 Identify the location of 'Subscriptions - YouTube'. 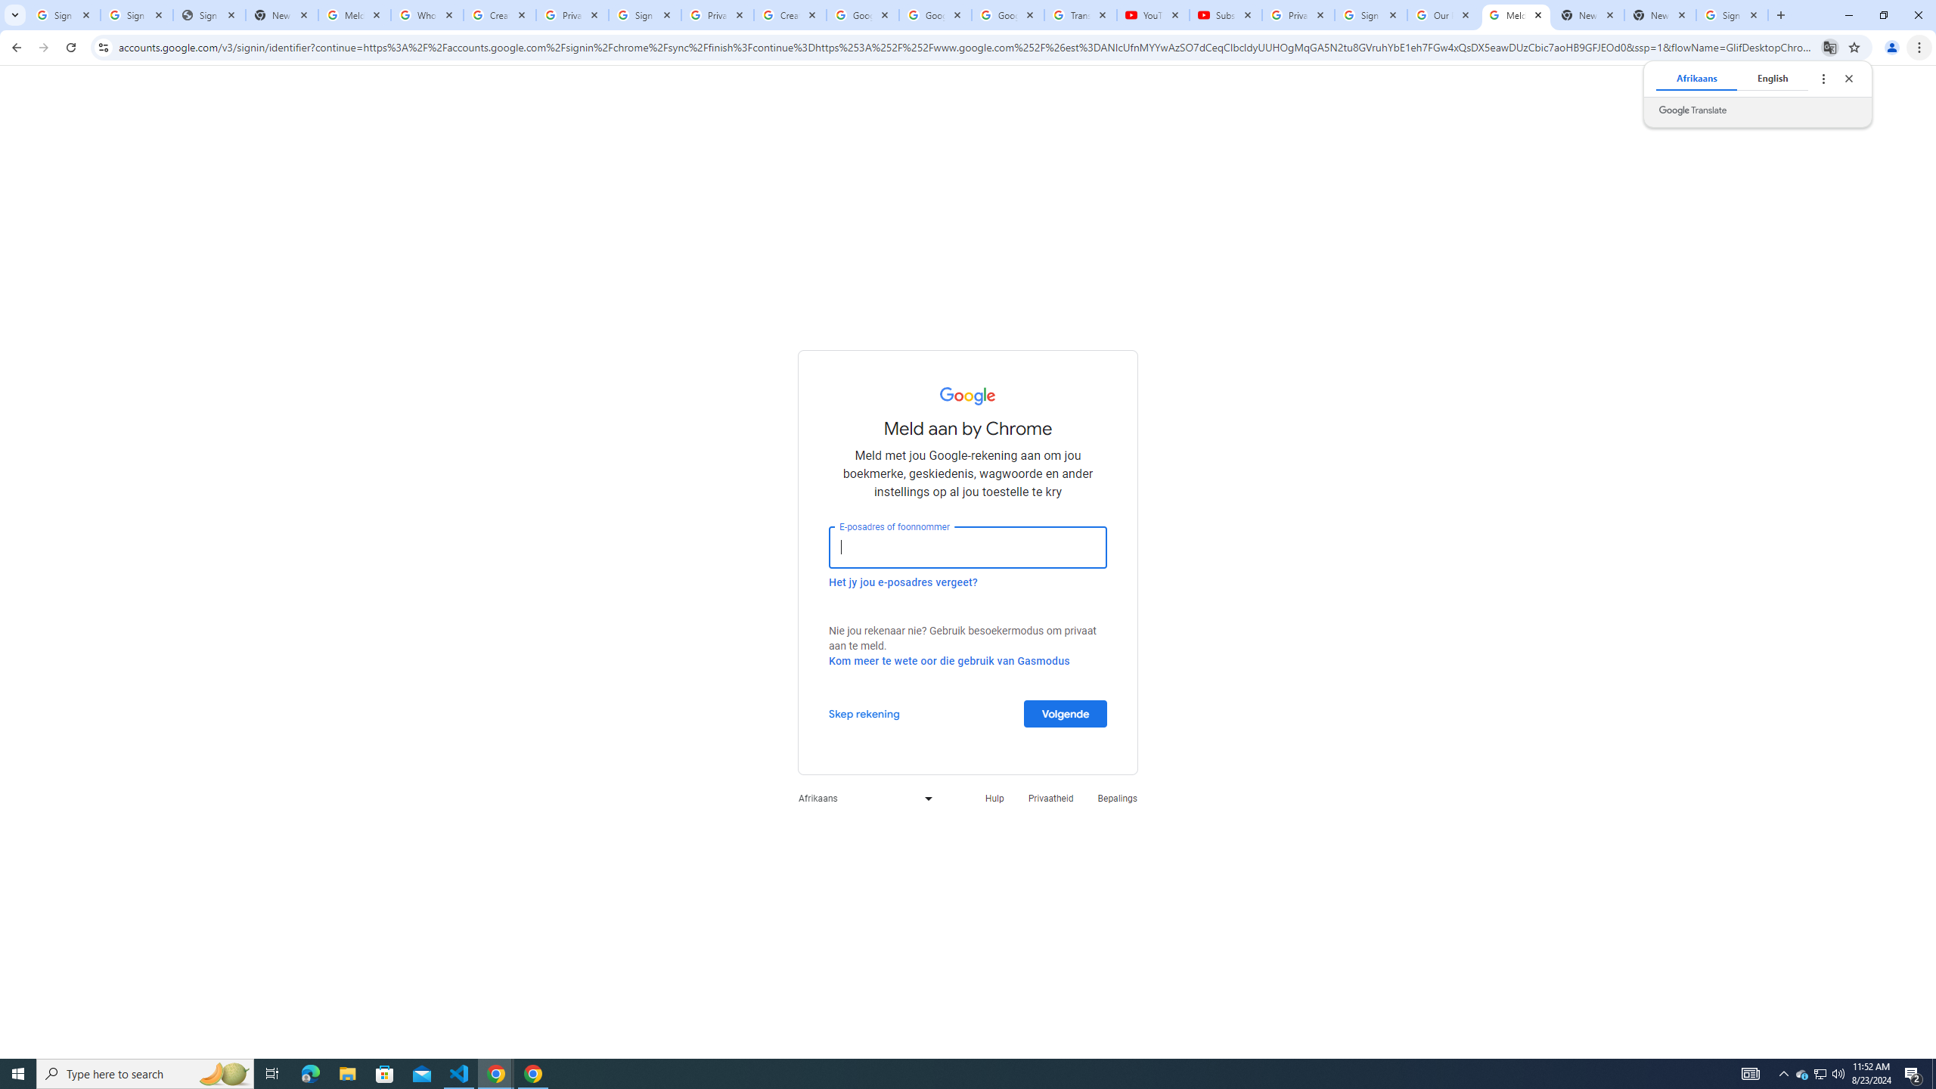
(1224, 14).